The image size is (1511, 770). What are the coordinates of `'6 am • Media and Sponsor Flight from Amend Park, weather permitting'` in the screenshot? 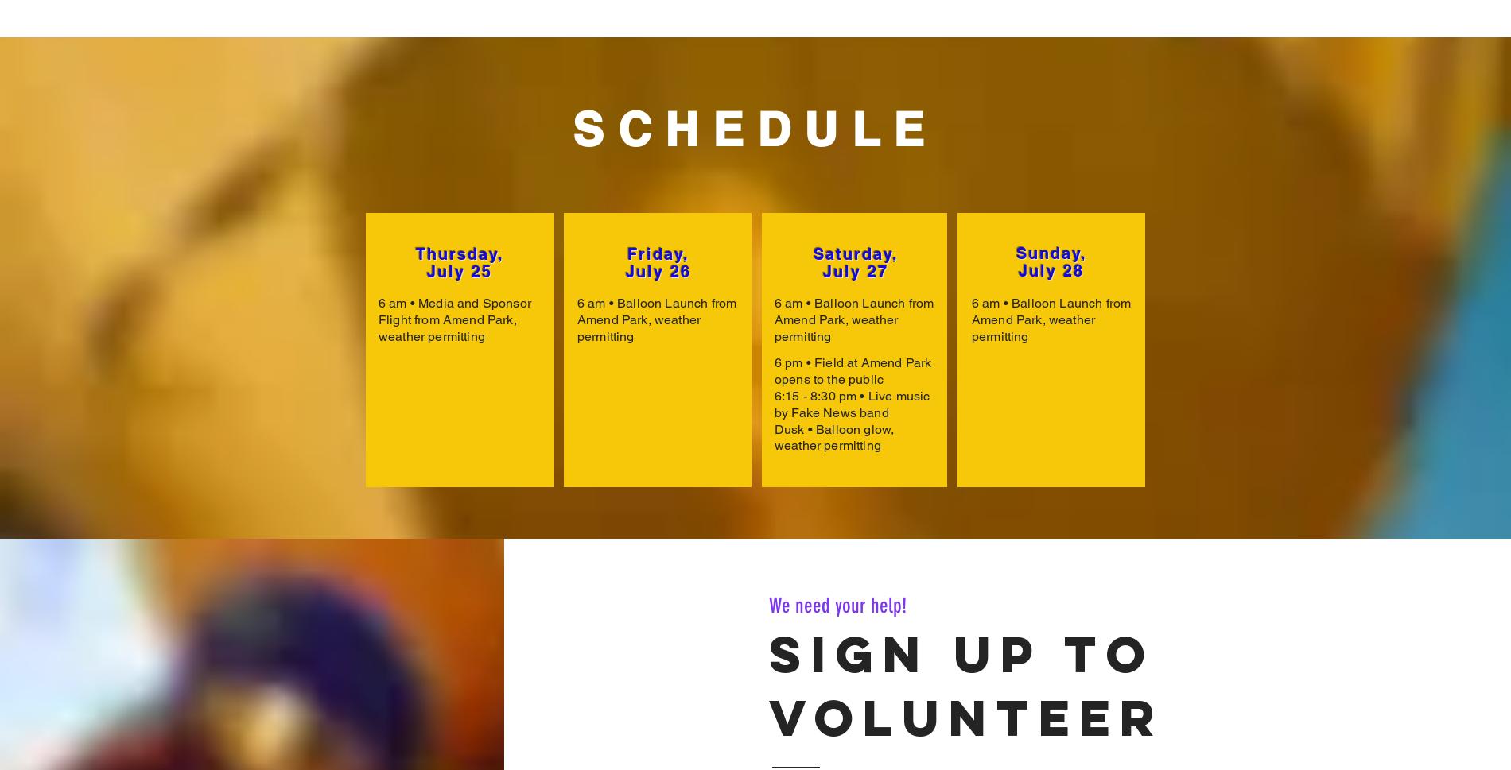 It's located at (454, 319).